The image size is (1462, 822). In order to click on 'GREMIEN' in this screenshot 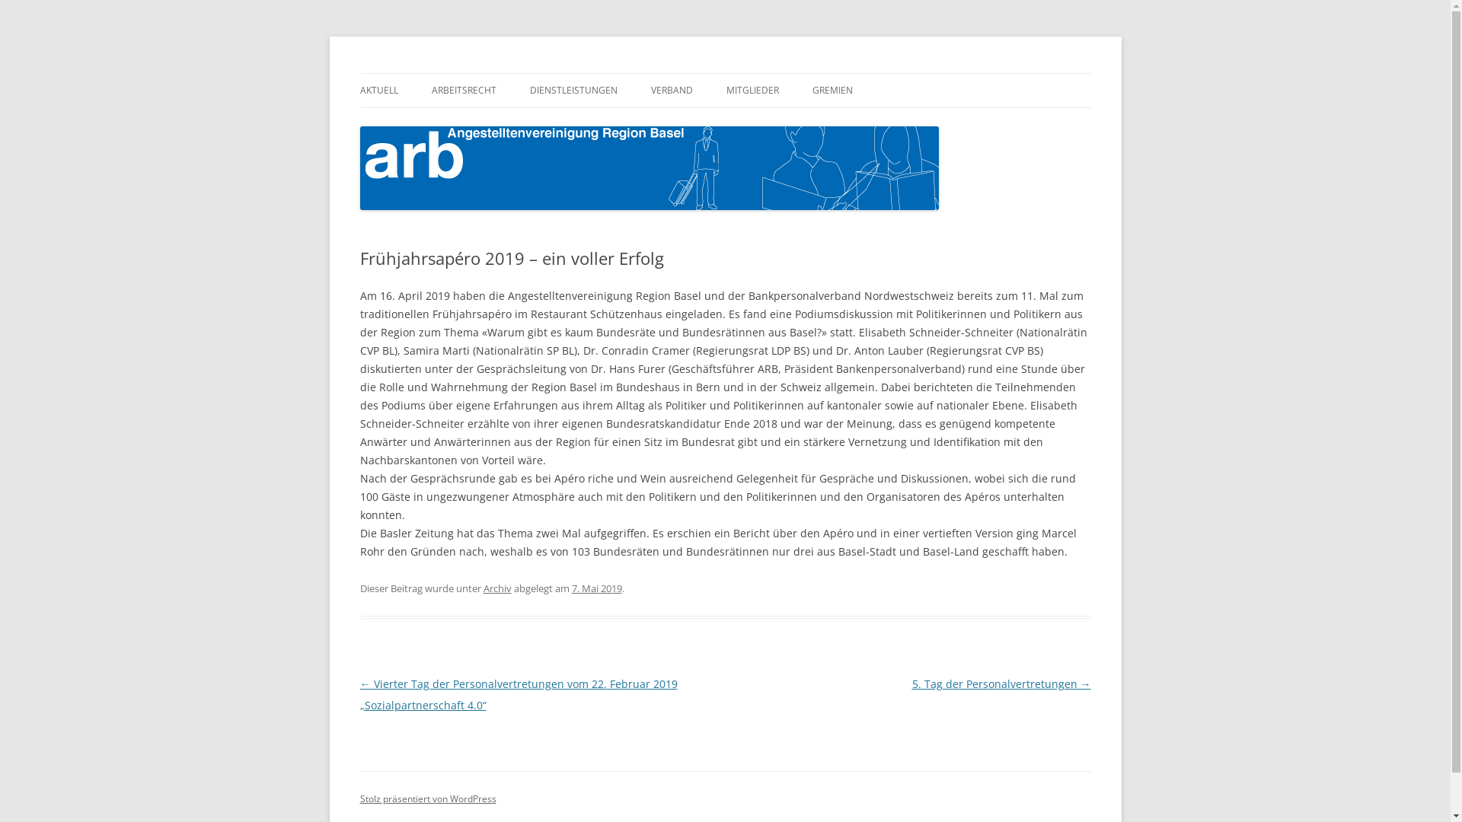, I will do `click(810, 91)`.